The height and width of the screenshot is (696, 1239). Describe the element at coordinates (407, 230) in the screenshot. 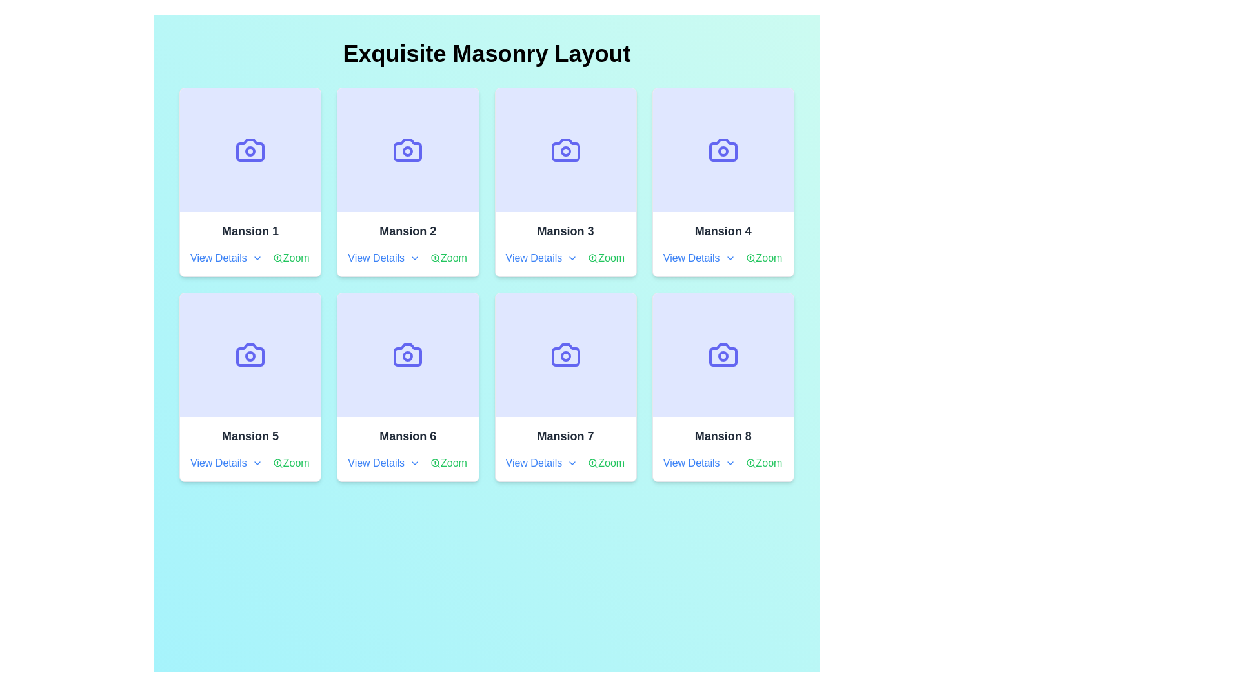

I see `text label displaying 'Mansion 2' which is centrally aligned in the second card of the grid layout` at that location.